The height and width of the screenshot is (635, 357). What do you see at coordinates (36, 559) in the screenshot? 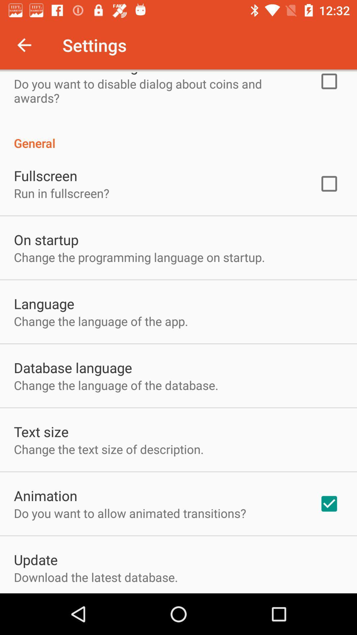
I see `update item` at bounding box center [36, 559].